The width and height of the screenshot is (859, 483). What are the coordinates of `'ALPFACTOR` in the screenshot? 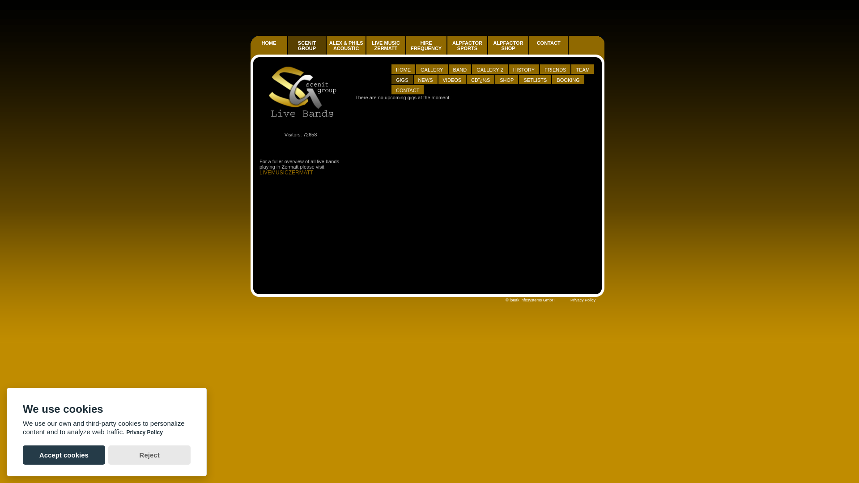 It's located at (508, 45).